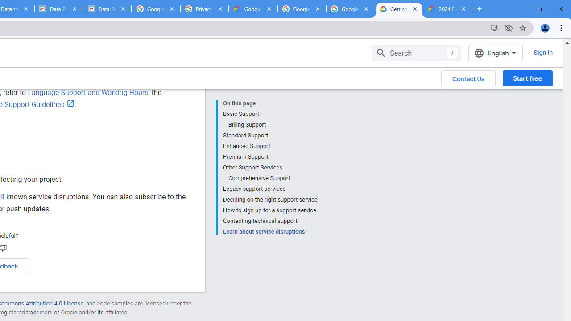 The width and height of the screenshot is (571, 321). What do you see at coordinates (107, 9) in the screenshot?
I see `'Data Privacy Framework'` at bounding box center [107, 9].